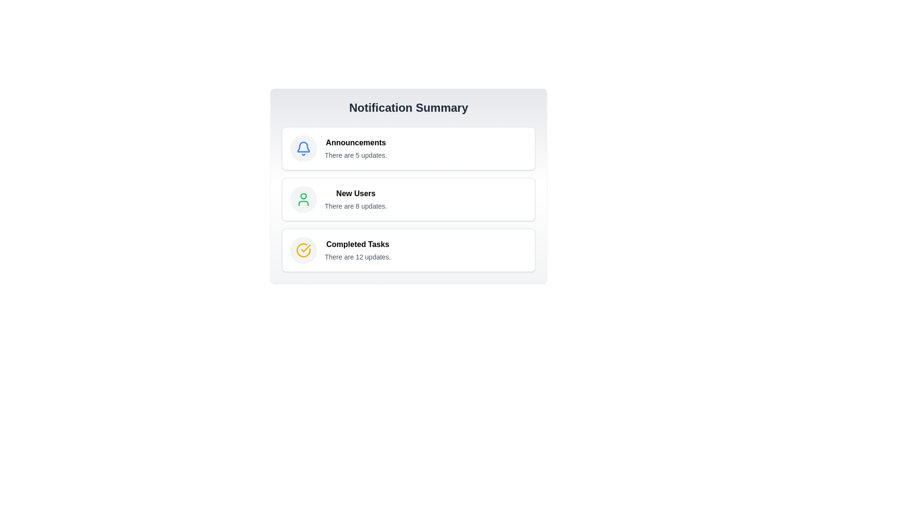 This screenshot has height=518, width=921. I want to click on text line stating 'There are 12 updates.' which is positioned beneath the bold title 'Completed Tasks' in the Notification Summary panel, so click(357, 257).